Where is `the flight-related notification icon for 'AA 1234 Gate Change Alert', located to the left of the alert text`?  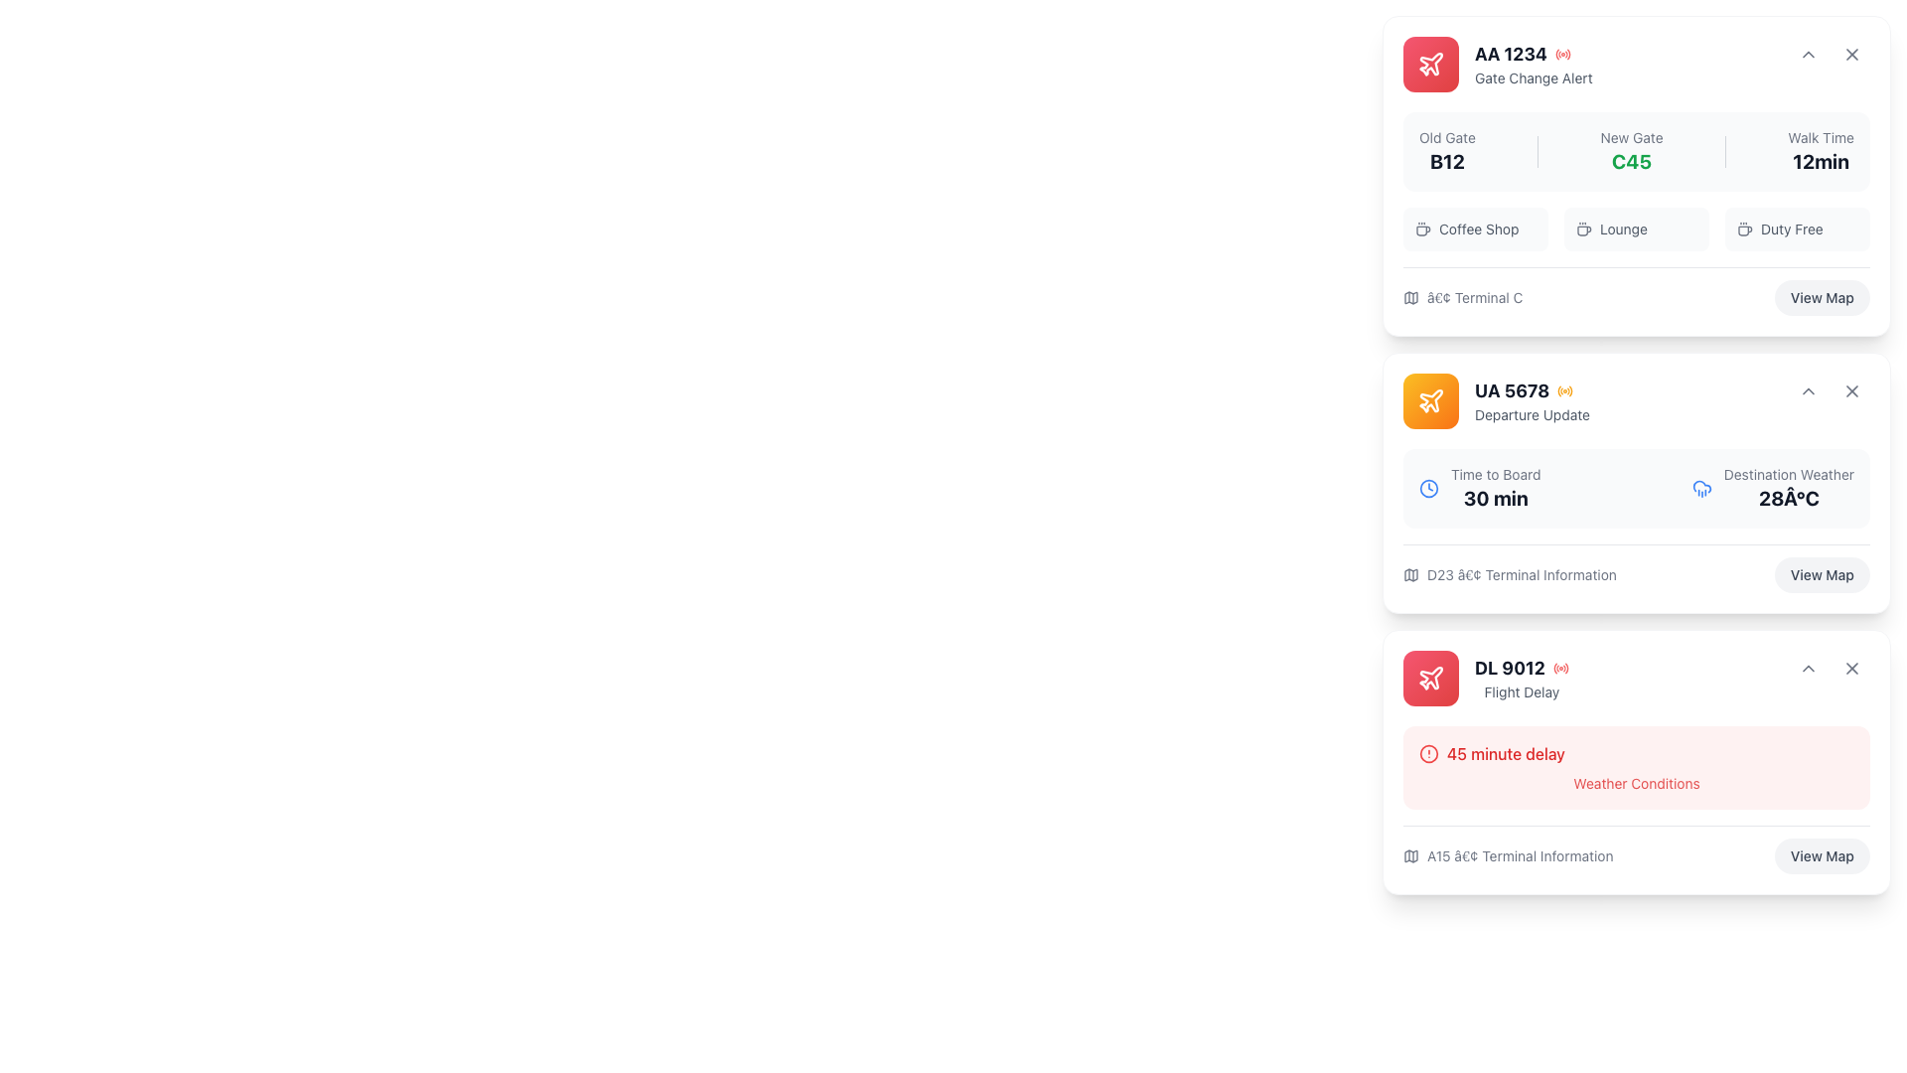 the flight-related notification icon for 'AA 1234 Gate Change Alert', located to the left of the alert text is located at coordinates (1430, 64).